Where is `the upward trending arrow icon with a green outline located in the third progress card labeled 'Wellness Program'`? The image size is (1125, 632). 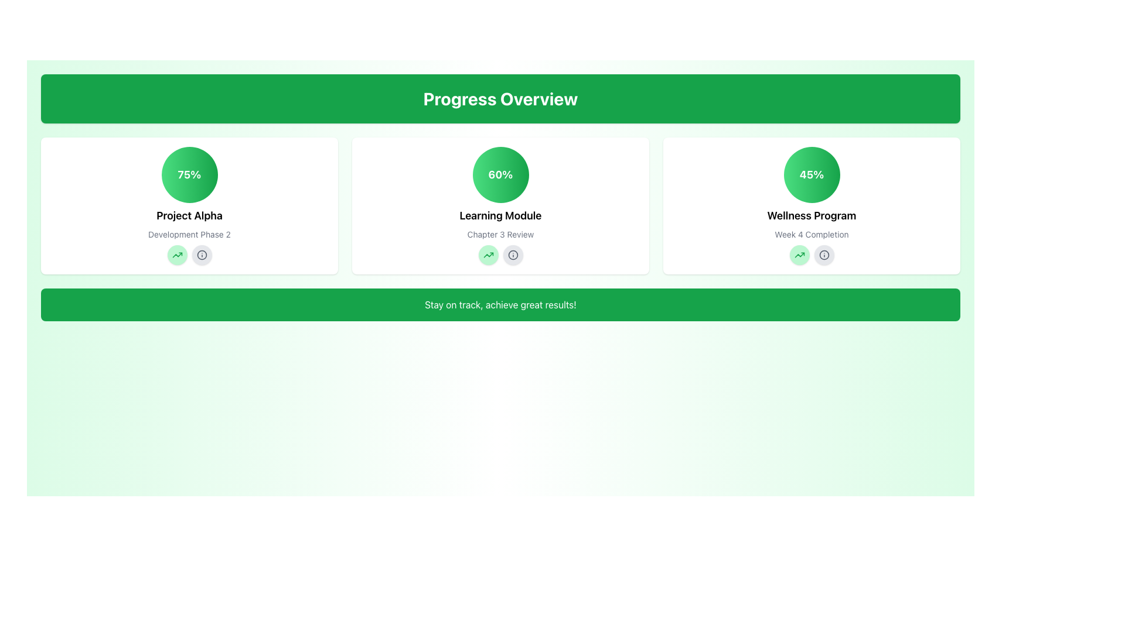
the upward trending arrow icon with a green outline located in the third progress card labeled 'Wellness Program' is located at coordinates (799, 254).